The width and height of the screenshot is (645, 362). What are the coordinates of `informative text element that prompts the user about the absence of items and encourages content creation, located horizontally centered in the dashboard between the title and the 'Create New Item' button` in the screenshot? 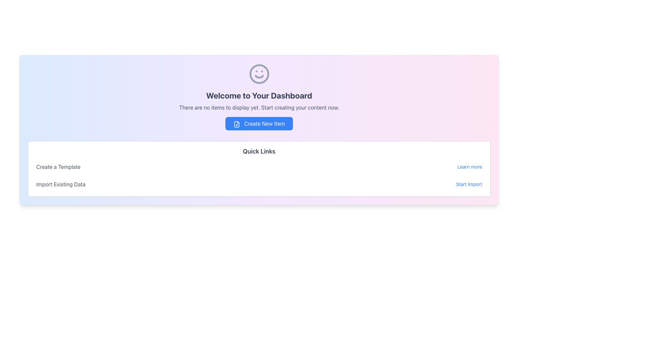 It's located at (259, 107).